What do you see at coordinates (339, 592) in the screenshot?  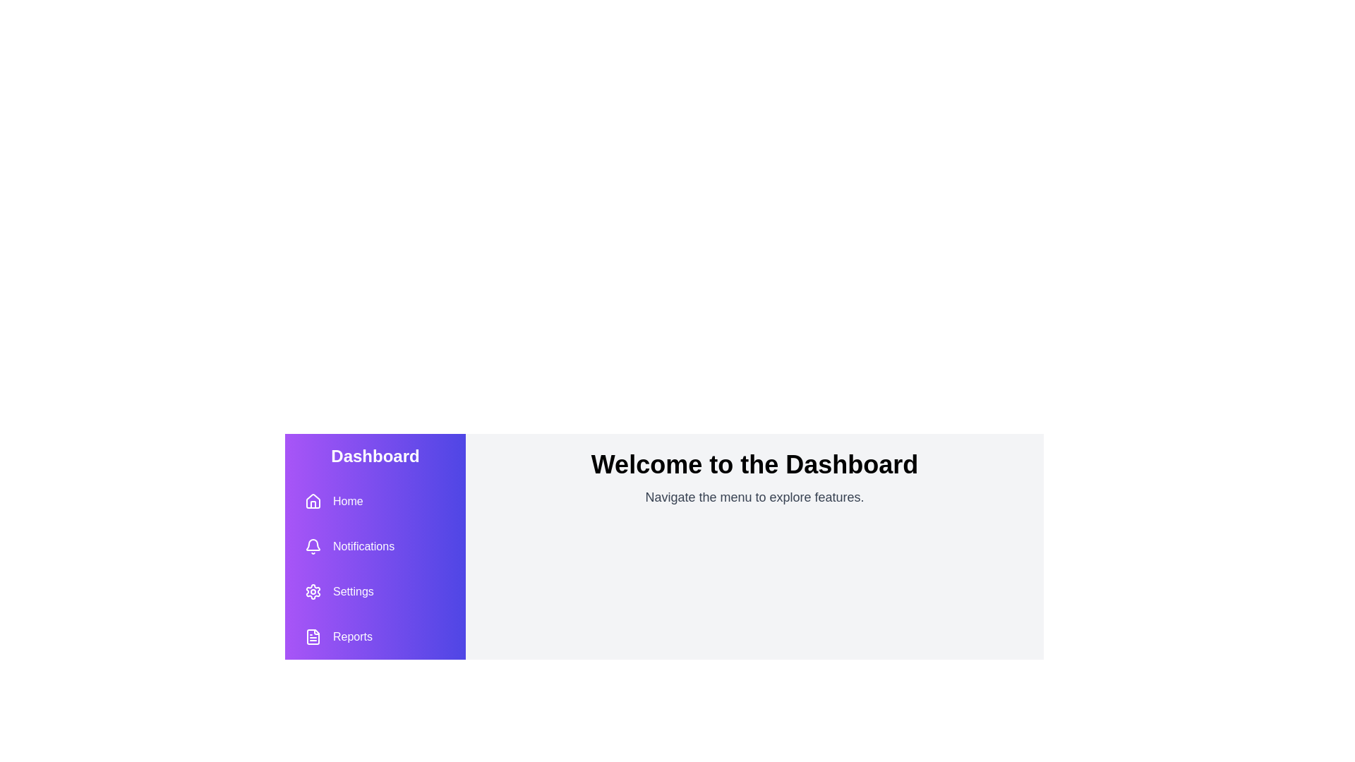 I see `the button labeled Settings to observe its hover effect` at bounding box center [339, 592].